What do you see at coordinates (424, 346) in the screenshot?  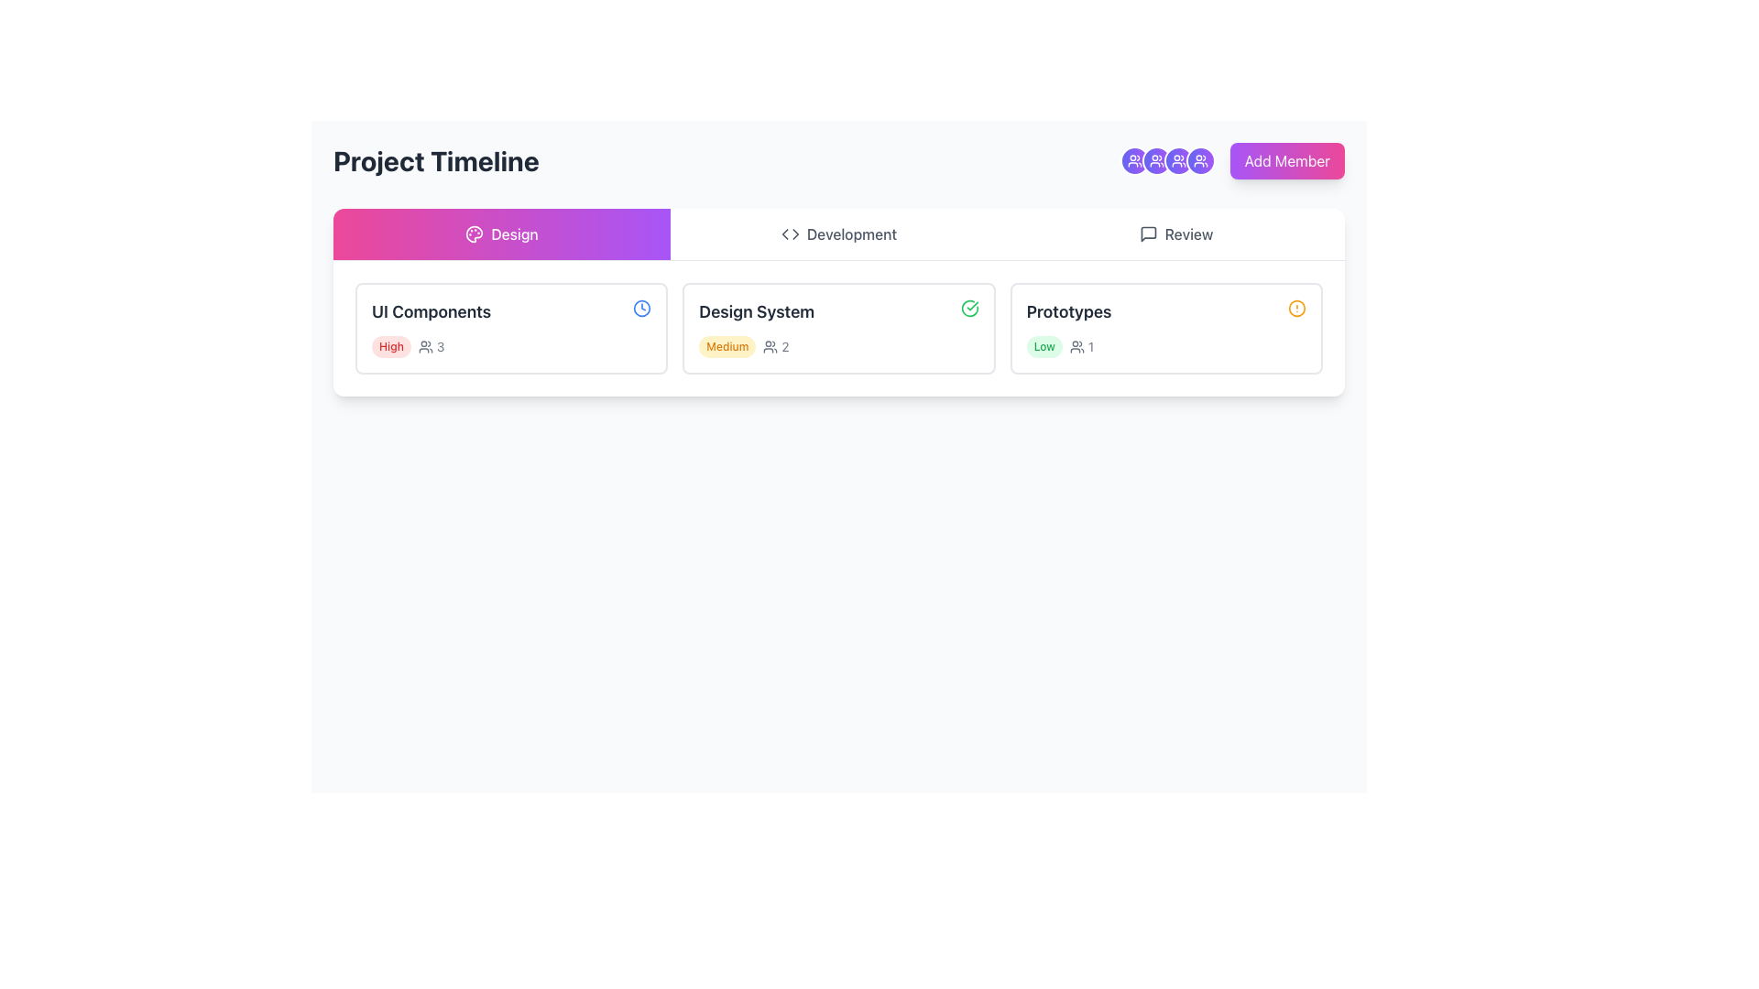 I see `the small icon representing a group of people, which is located to the right of the 'High' label and directly before the numerical value '3' in the 'UI Components' card` at bounding box center [424, 346].